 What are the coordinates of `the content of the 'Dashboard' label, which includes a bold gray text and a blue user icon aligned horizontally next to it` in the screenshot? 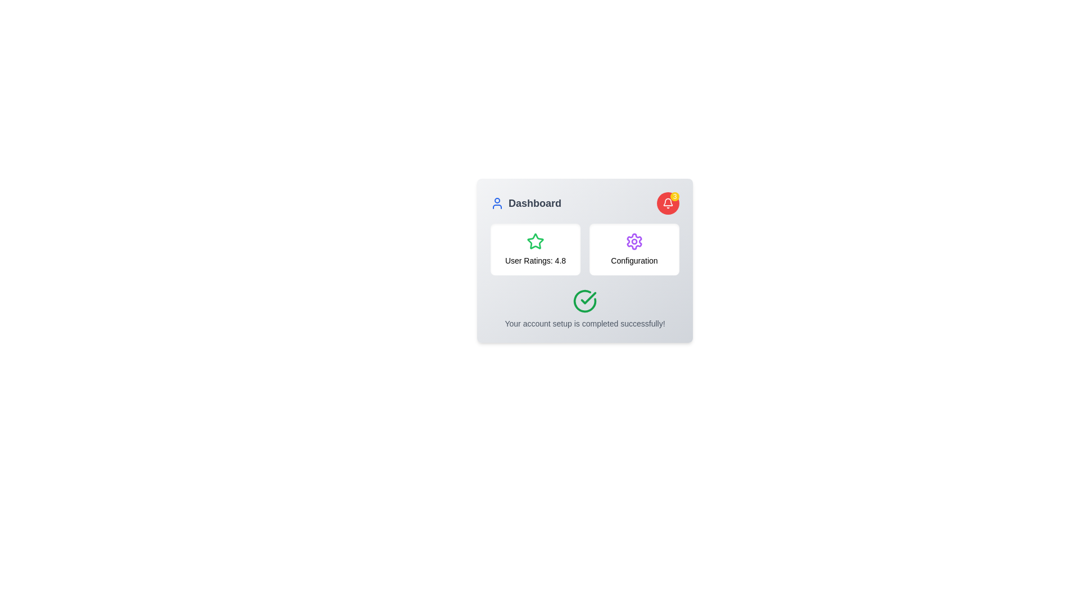 It's located at (525, 203).